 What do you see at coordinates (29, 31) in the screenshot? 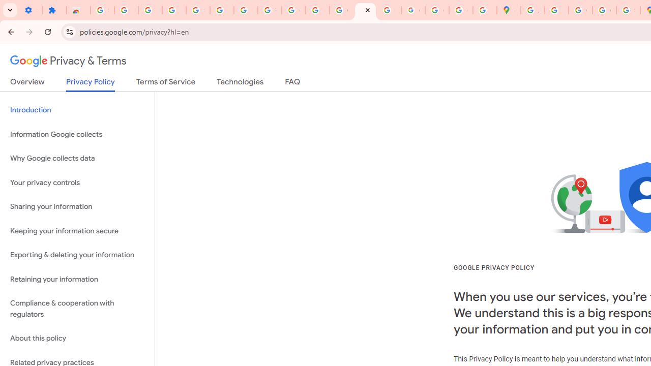
I see `'Forward'` at bounding box center [29, 31].